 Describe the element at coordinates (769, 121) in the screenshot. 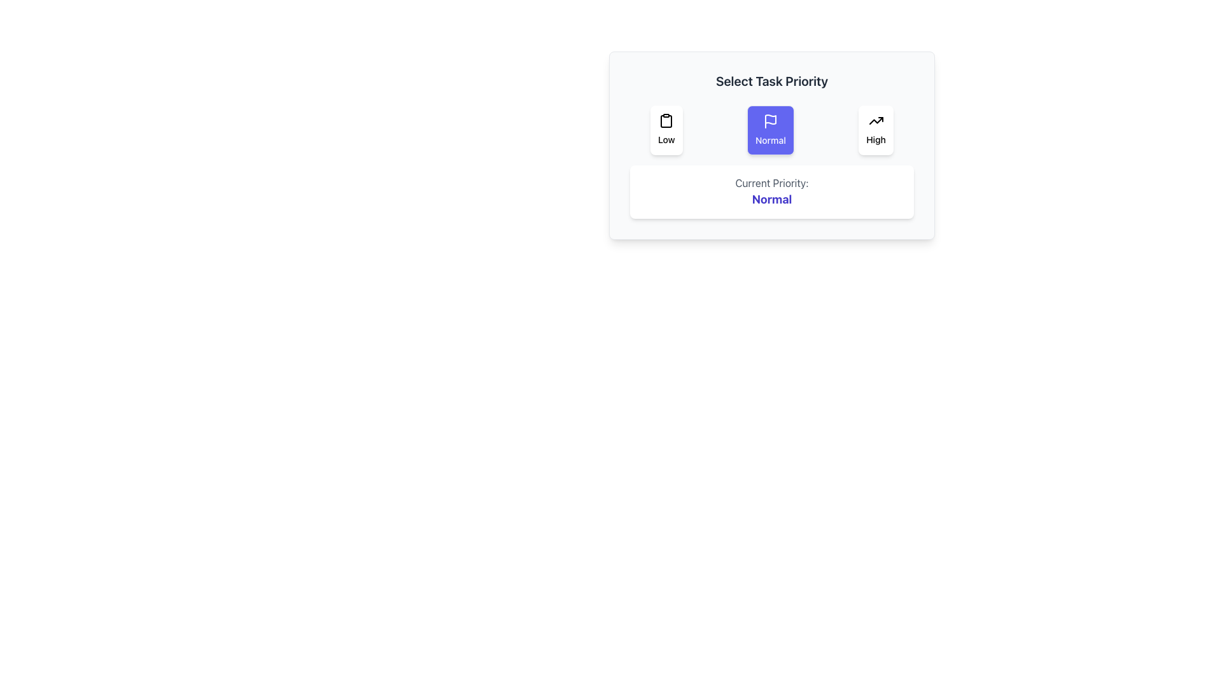

I see `the flag icon located in the 'Normal' block, which is highlighted in blue and positioned above the text 'Normal'` at that location.